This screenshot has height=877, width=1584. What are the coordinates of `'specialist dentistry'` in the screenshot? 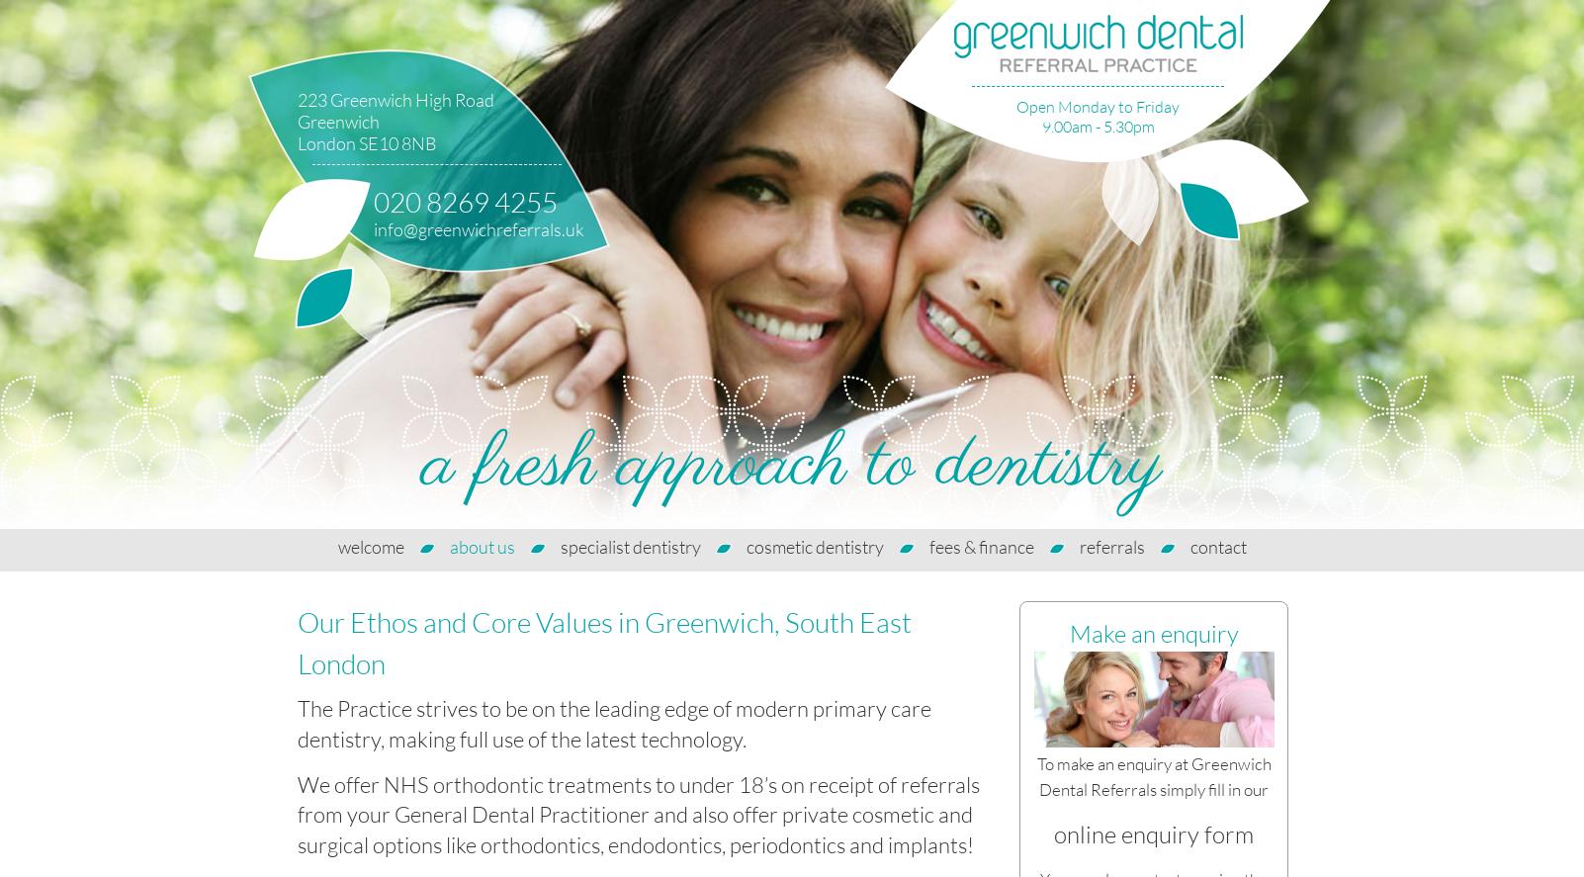 It's located at (558, 545).